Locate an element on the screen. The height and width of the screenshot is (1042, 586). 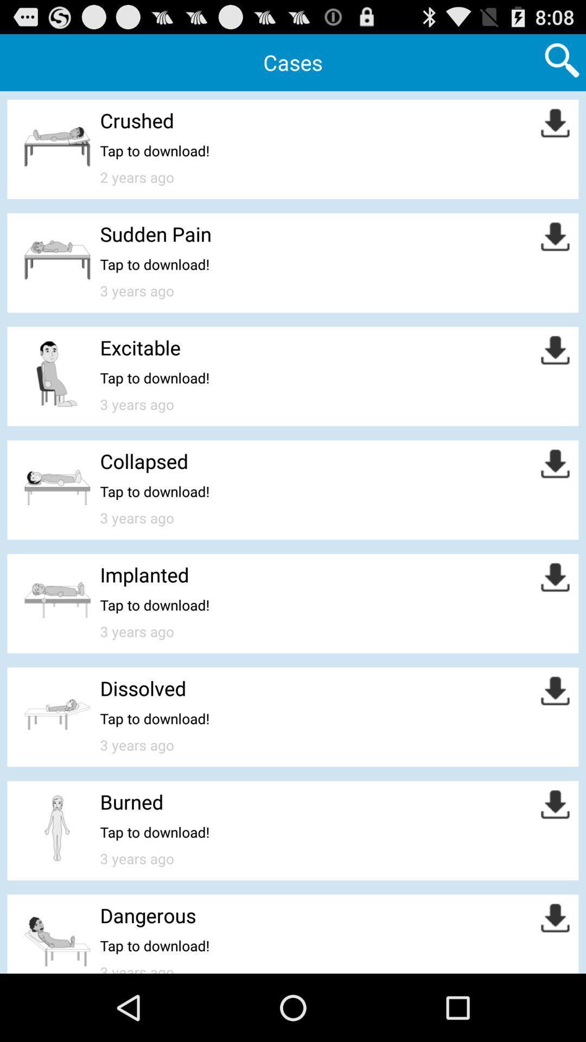
the icon above the tap to download! app is located at coordinates (142, 688).